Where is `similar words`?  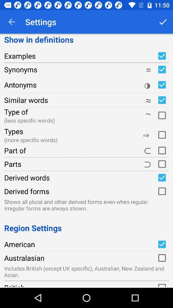
similar words is located at coordinates (161, 100).